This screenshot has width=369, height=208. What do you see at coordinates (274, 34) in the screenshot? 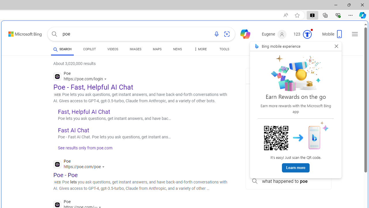
I see `'Eugene'` at bounding box center [274, 34].